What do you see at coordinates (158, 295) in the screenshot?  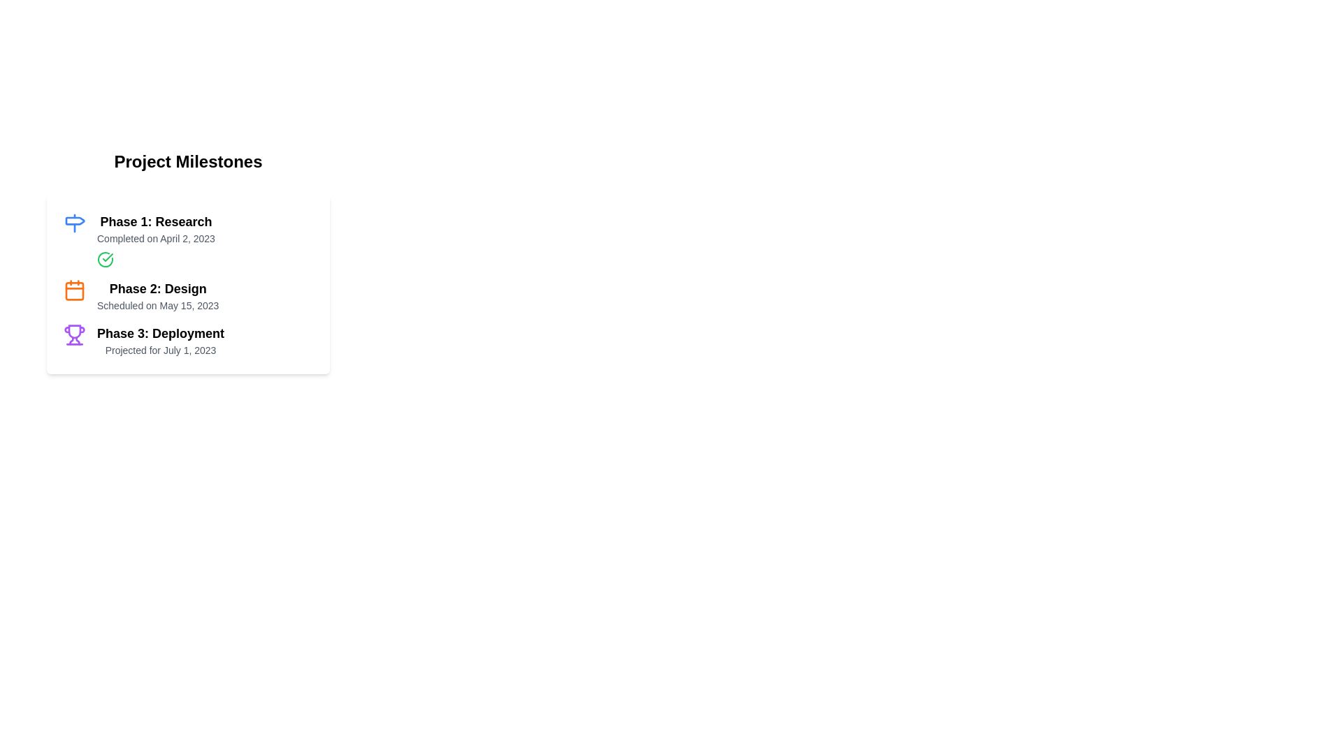 I see `the second milestone text block that conveys the project phase name, its description, and the scheduled date, located between 'Phase 1: Research' and 'Phase 3: Deployment'` at bounding box center [158, 295].